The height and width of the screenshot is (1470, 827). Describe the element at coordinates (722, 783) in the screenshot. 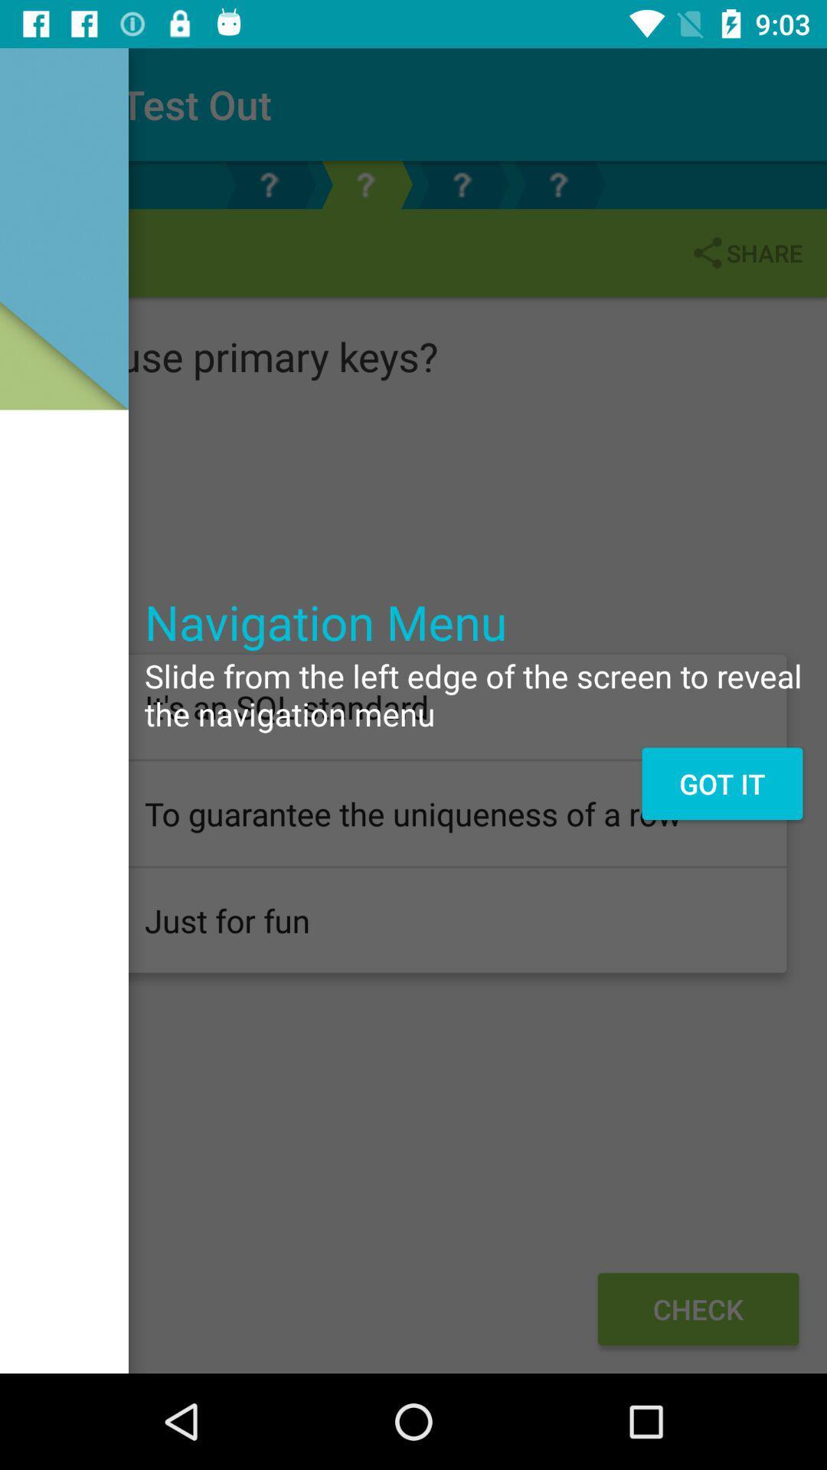

I see `got it` at that location.